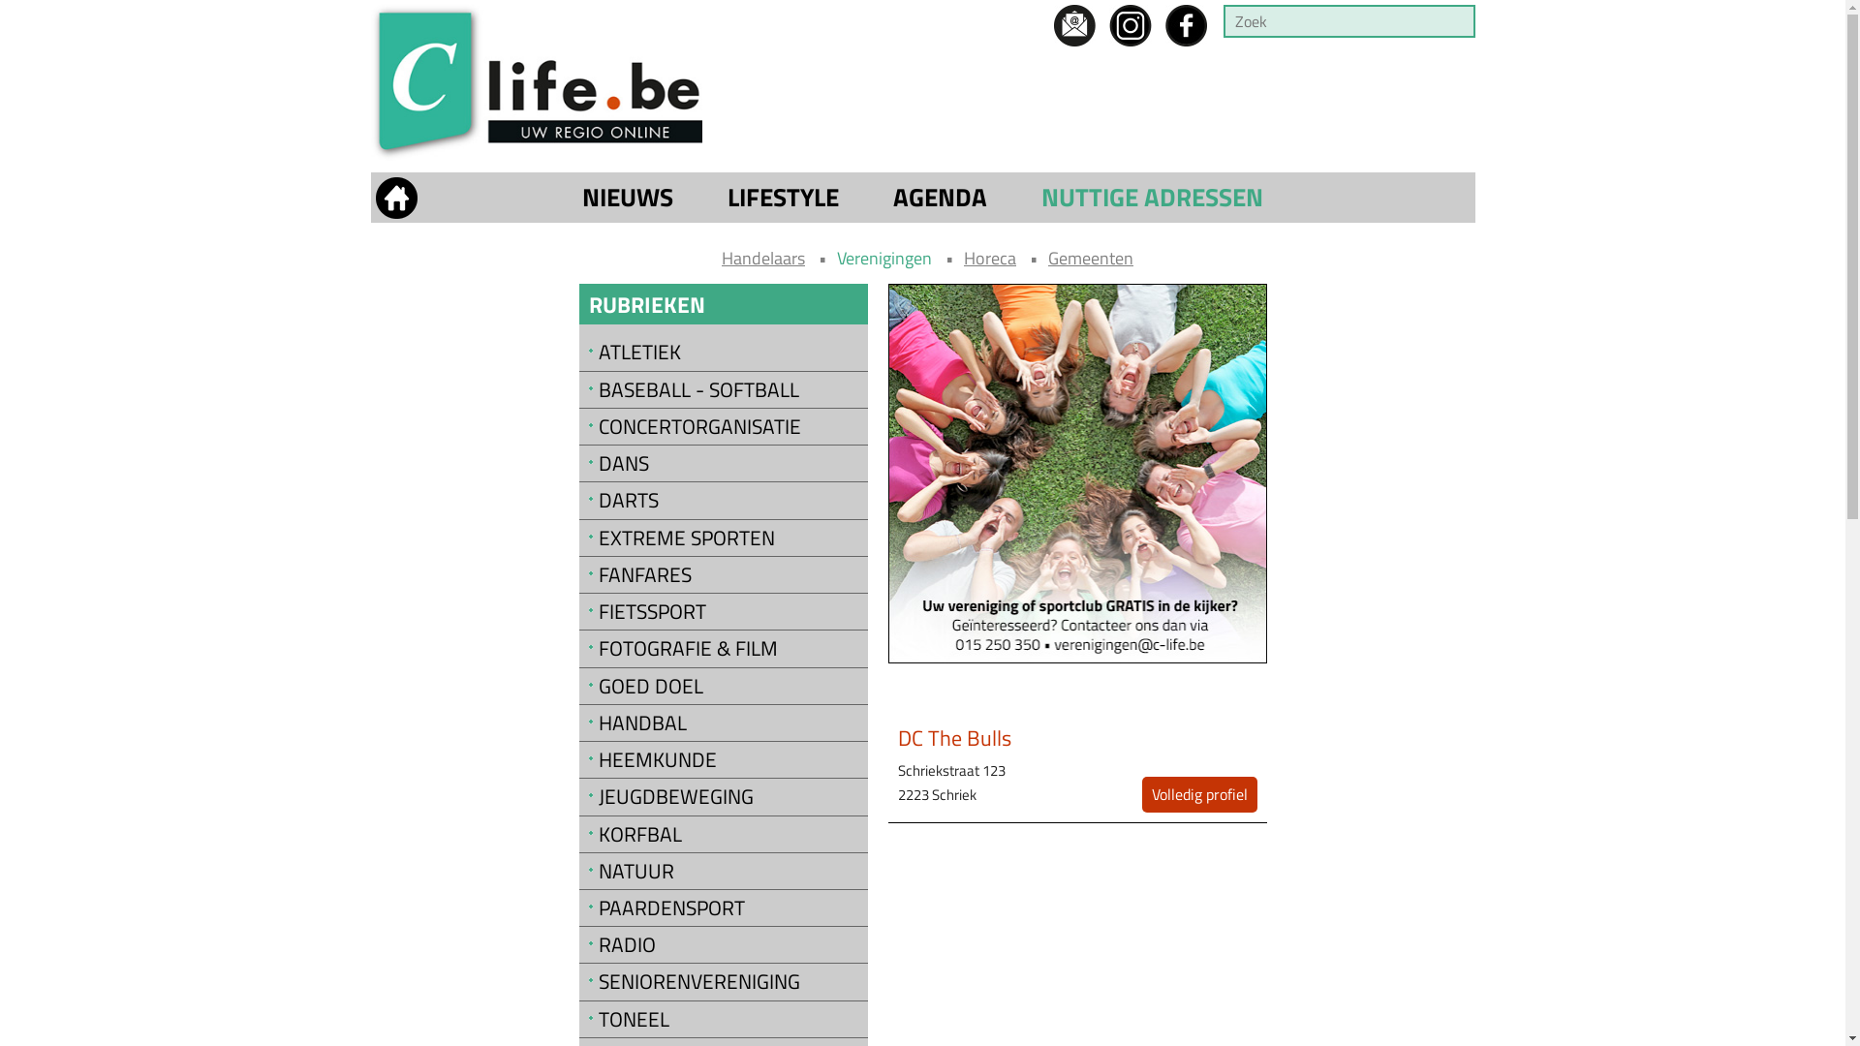 The width and height of the screenshot is (1860, 1046). Describe the element at coordinates (883, 257) in the screenshot. I see `'Verenigingen'` at that location.